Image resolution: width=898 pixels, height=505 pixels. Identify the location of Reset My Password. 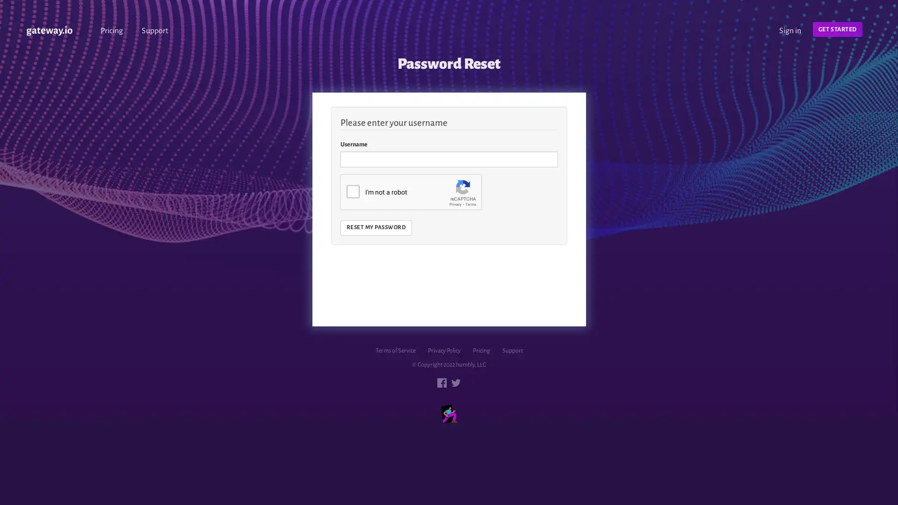
(376, 227).